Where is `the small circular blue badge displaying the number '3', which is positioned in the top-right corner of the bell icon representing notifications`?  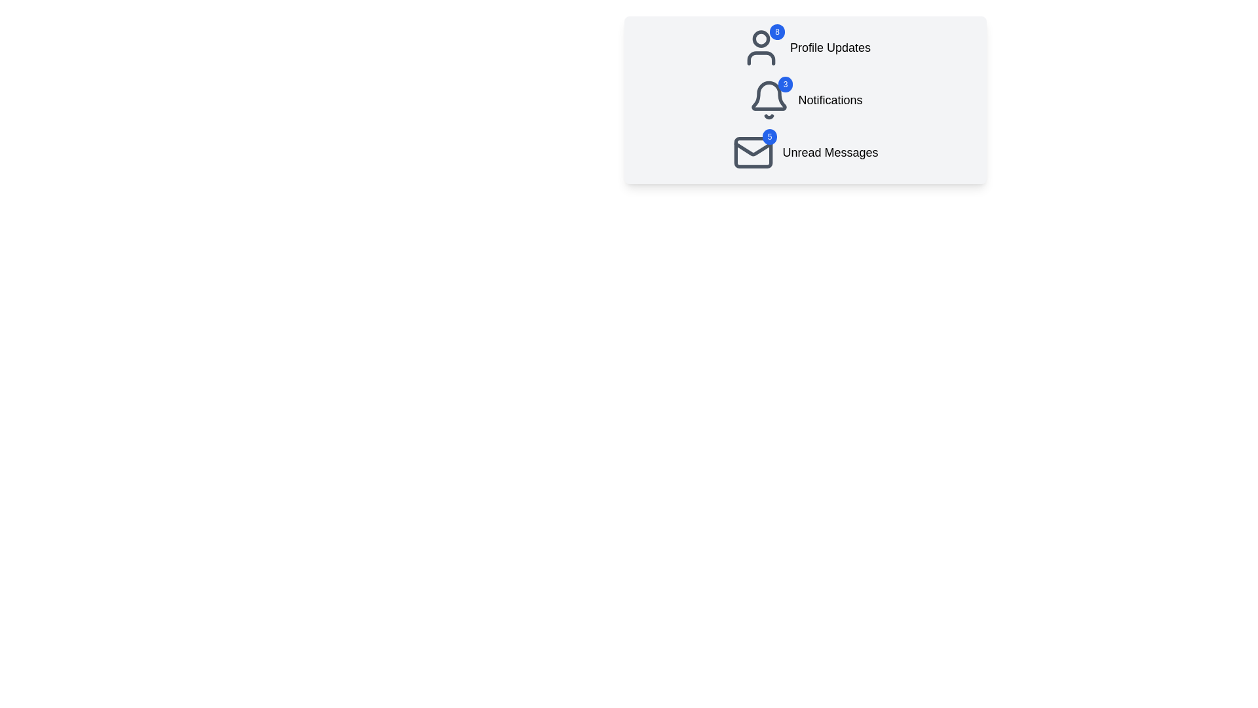
the small circular blue badge displaying the number '3', which is positioned in the top-right corner of the bell icon representing notifications is located at coordinates (786, 84).